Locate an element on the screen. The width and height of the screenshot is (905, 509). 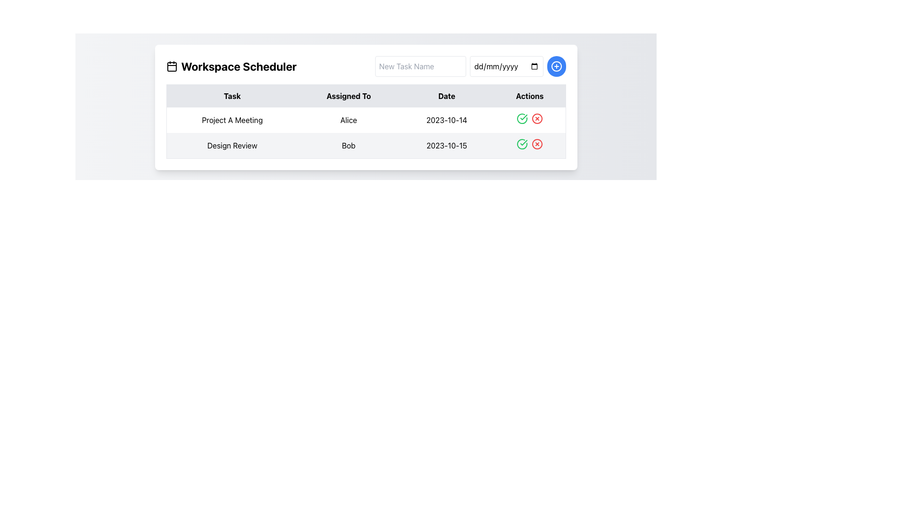
the red circular icon with an 'X' in the Actions column for the 'Project A Meeting' task to observe the hover effect is located at coordinates (537, 118).